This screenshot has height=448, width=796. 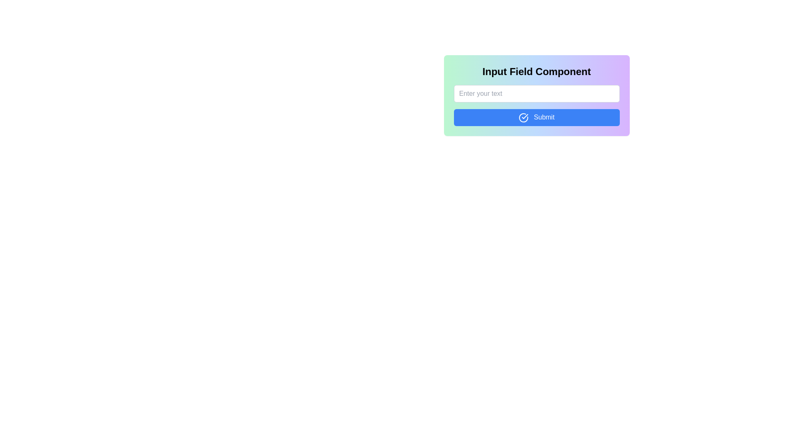 What do you see at coordinates (523, 117) in the screenshot?
I see `the 'Submit' button icon, which visually indicates a confirmation action, located towards the left side of the 'Submit' text label` at bounding box center [523, 117].